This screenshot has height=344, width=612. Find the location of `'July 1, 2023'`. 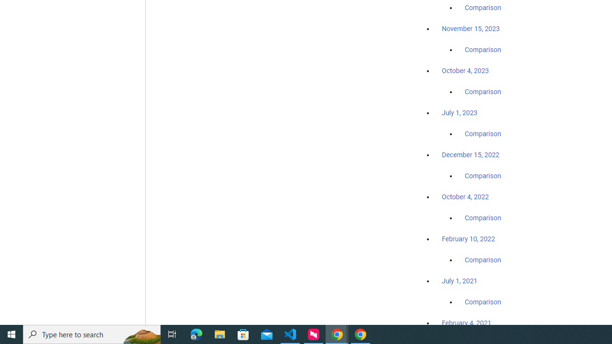

'July 1, 2023' is located at coordinates (459, 112).